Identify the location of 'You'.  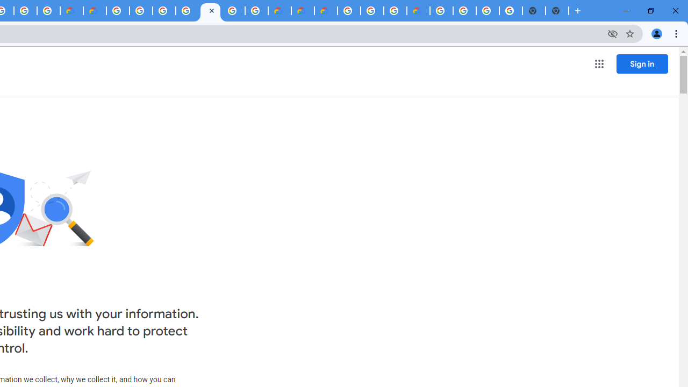
(656, 33).